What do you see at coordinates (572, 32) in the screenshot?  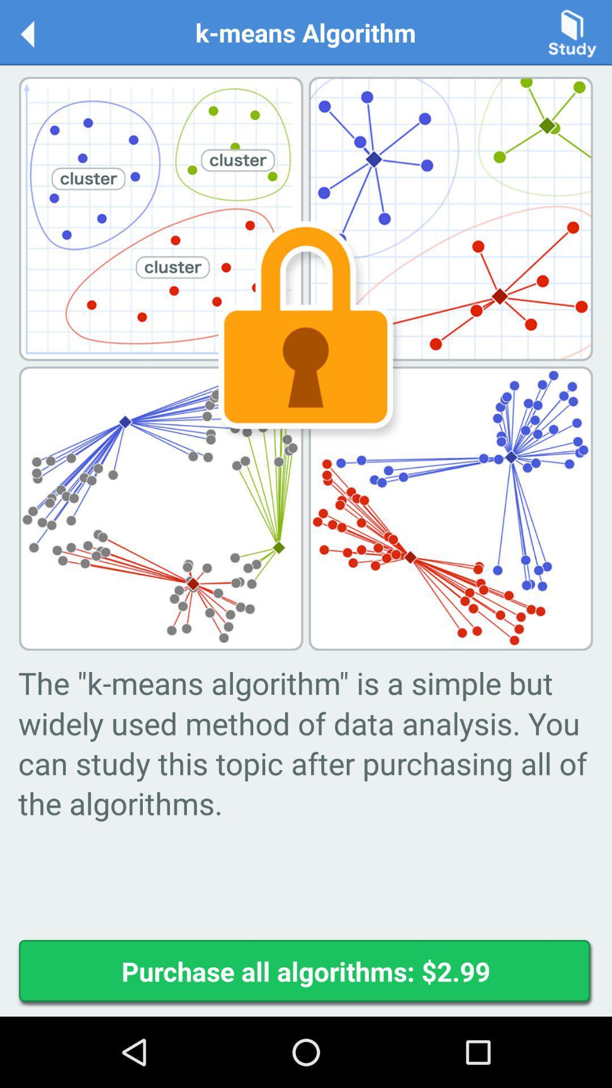 I see `study function` at bounding box center [572, 32].